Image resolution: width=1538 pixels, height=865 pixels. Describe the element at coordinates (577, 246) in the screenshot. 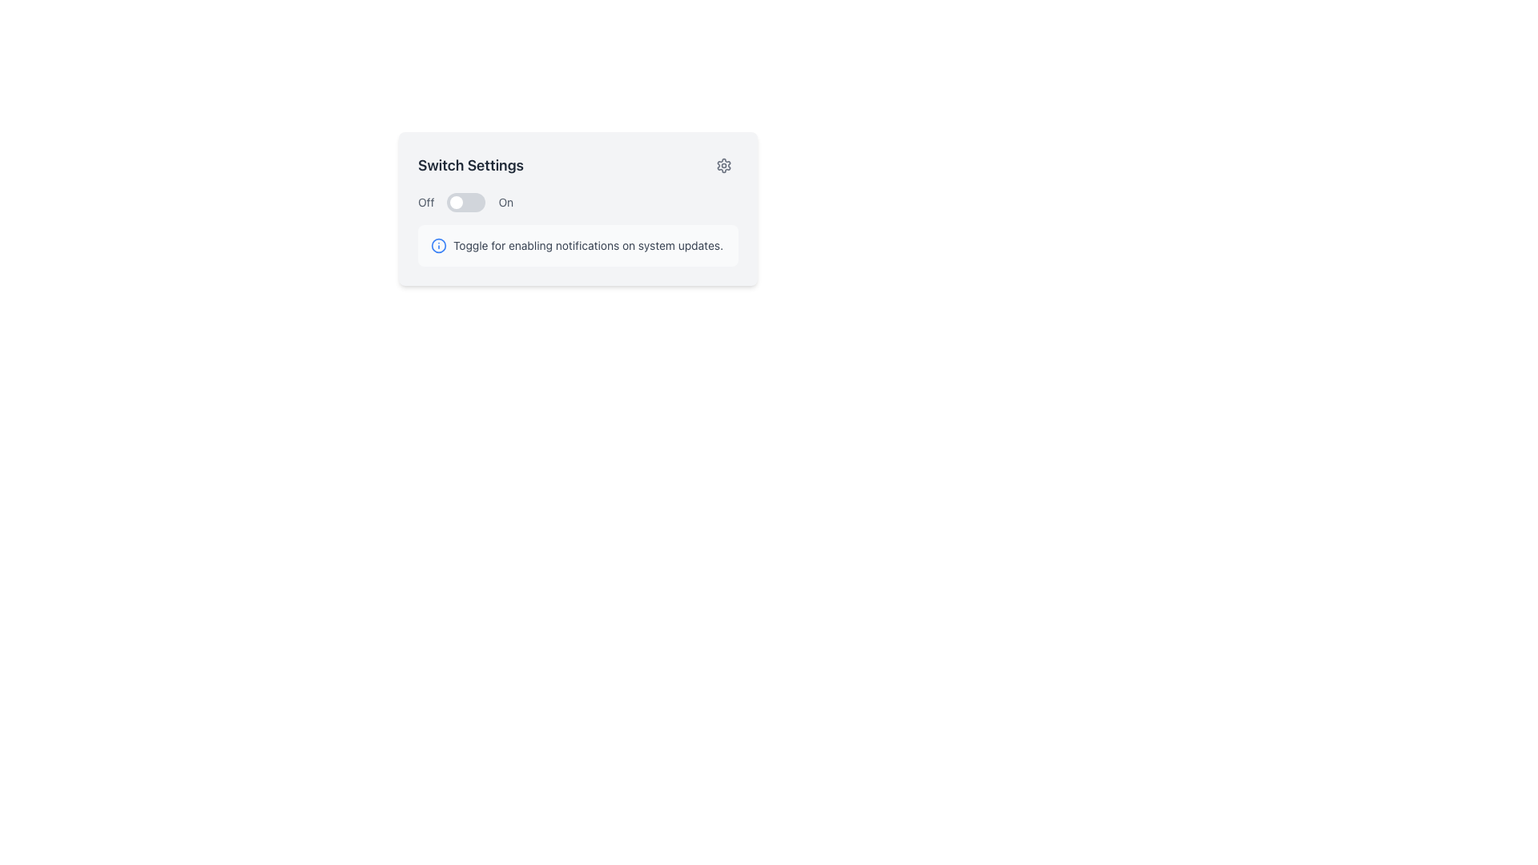

I see `the descriptive text element positioned centrally below the toggle switch group to read its explanation regarding the functionality of the toggle switch` at that location.